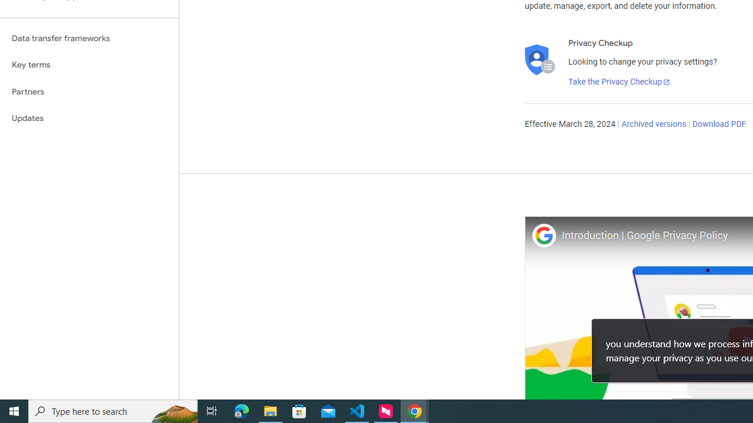 This screenshot has width=753, height=423. I want to click on 'Archived versions', so click(653, 125).